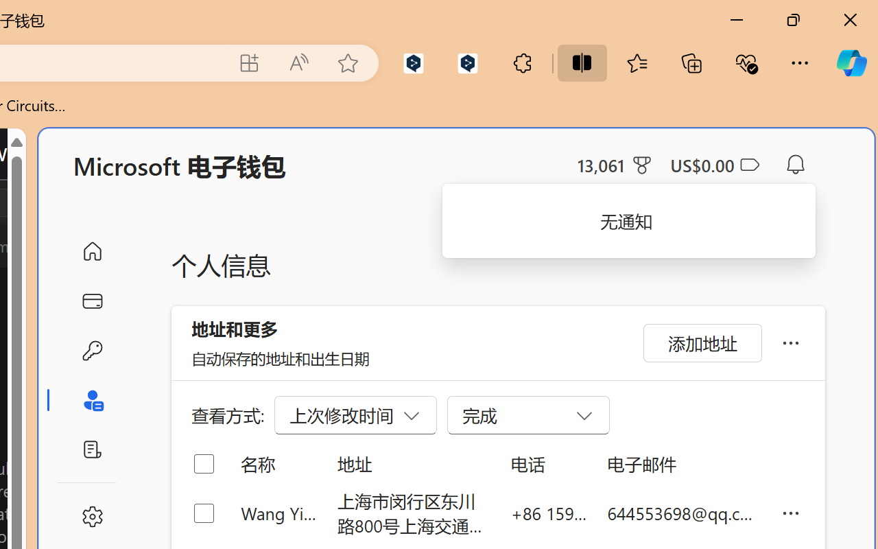 Image resolution: width=878 pixels, height=549 pixels. What do you see at coordinates (713, 164) in the screenshot?
I see `'Microsoft Cashback - US$0.00'` at bounding box center [713, 164].